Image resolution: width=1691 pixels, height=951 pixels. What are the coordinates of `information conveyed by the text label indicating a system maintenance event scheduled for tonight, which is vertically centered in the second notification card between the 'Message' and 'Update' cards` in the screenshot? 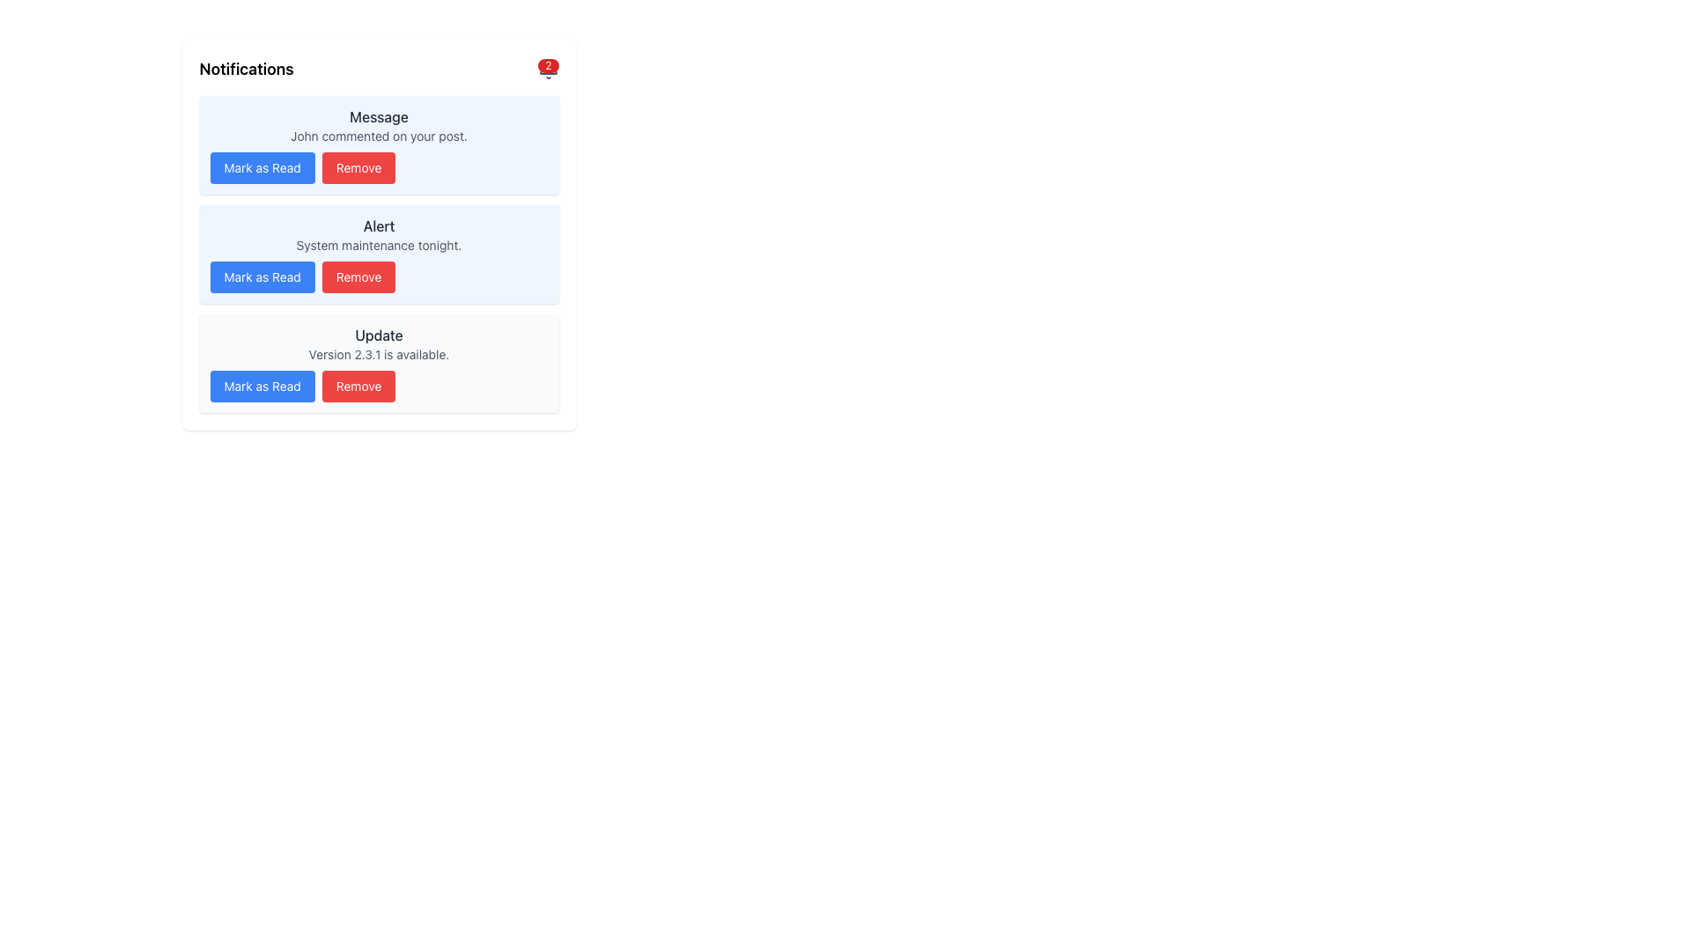 It's located at (378, 233).